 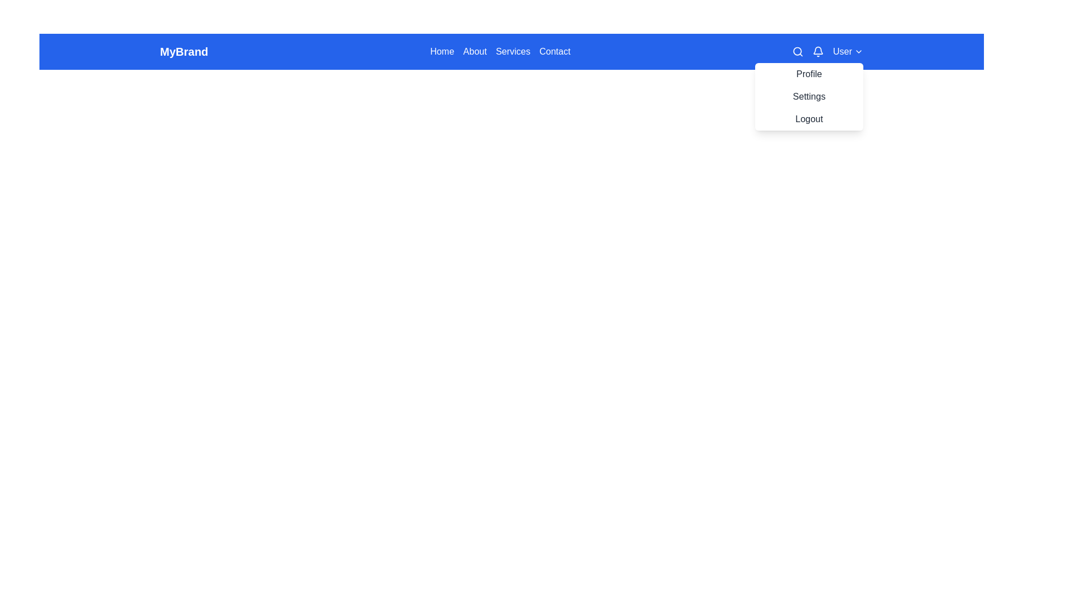 I want to click on the 'Profile' dropdown menu item located under the 'User' label in the top-right corner, so click(x=808, y=74).